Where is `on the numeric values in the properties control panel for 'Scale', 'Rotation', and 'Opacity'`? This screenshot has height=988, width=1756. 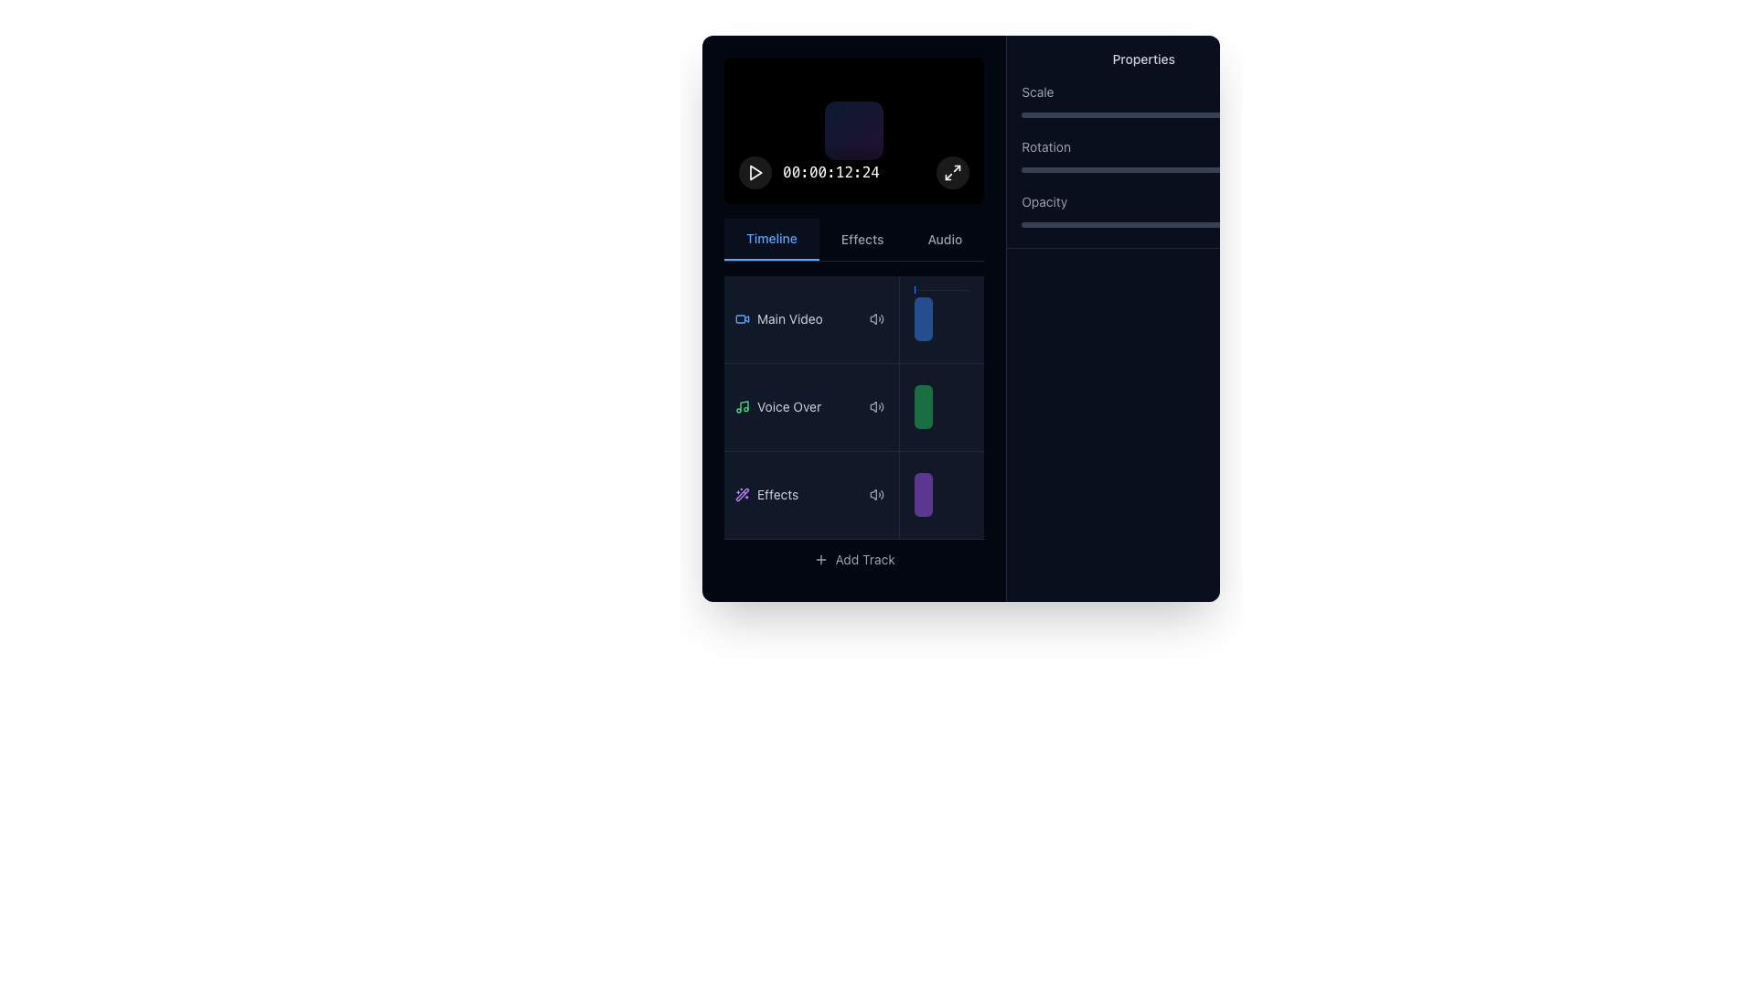 on the numeric values in the properties control panel for 'Scale', 'Rotation', and 'Opacity' is located at coordinates (1142, 141).